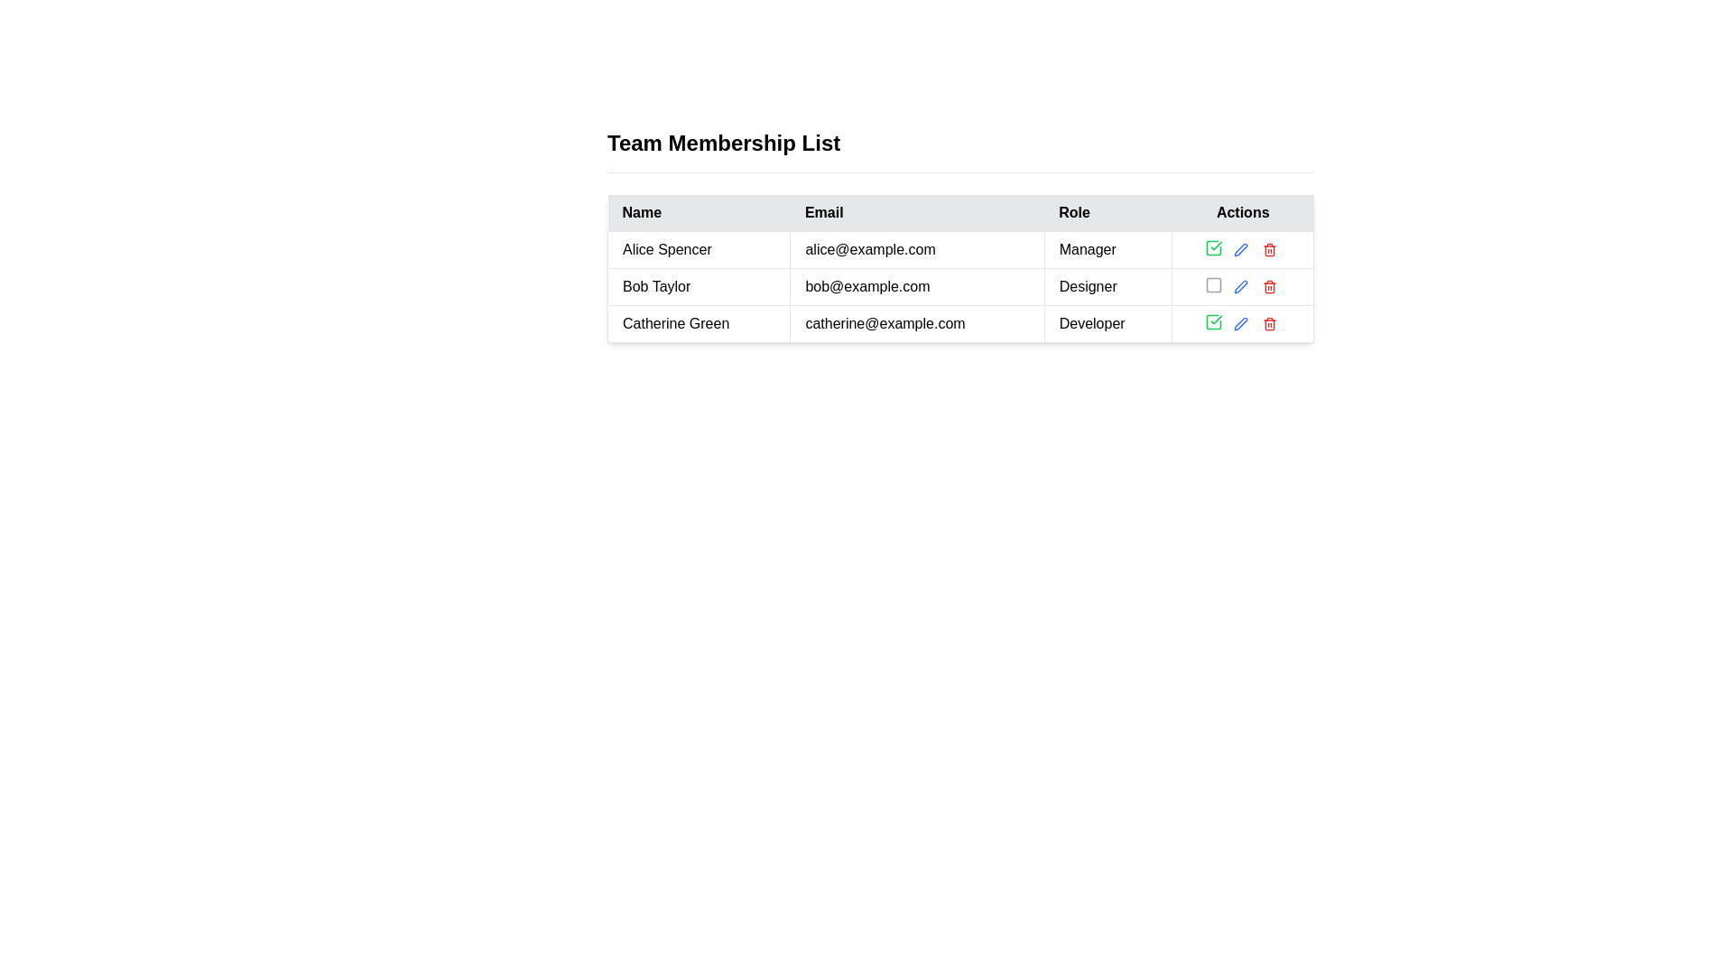 The width and height of the screenshot is (1733, 975). What do you see at coordinates (1214, 284) in the screenshot?
I see `the first square icon in the actions column of the table for 'Bob Taylor'` at bounding box center [1214, 284].